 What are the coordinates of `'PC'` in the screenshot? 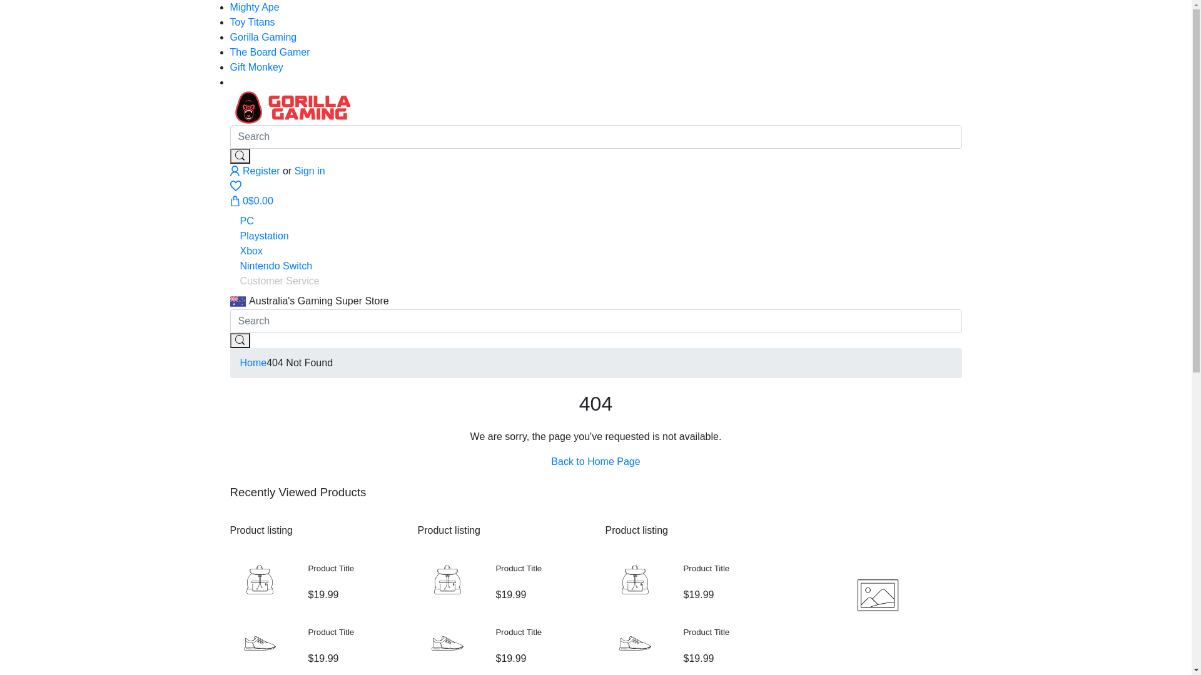 It's located at (246, 220).